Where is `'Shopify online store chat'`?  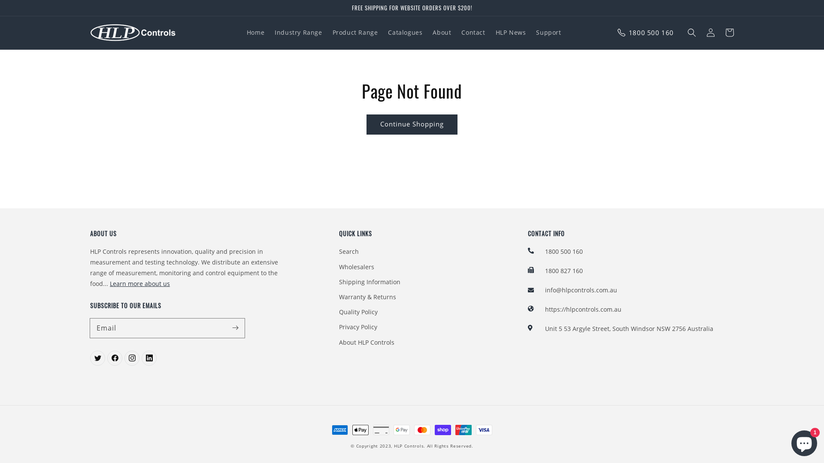 'Shopify online store chat' is located at coordinates (803, 441).